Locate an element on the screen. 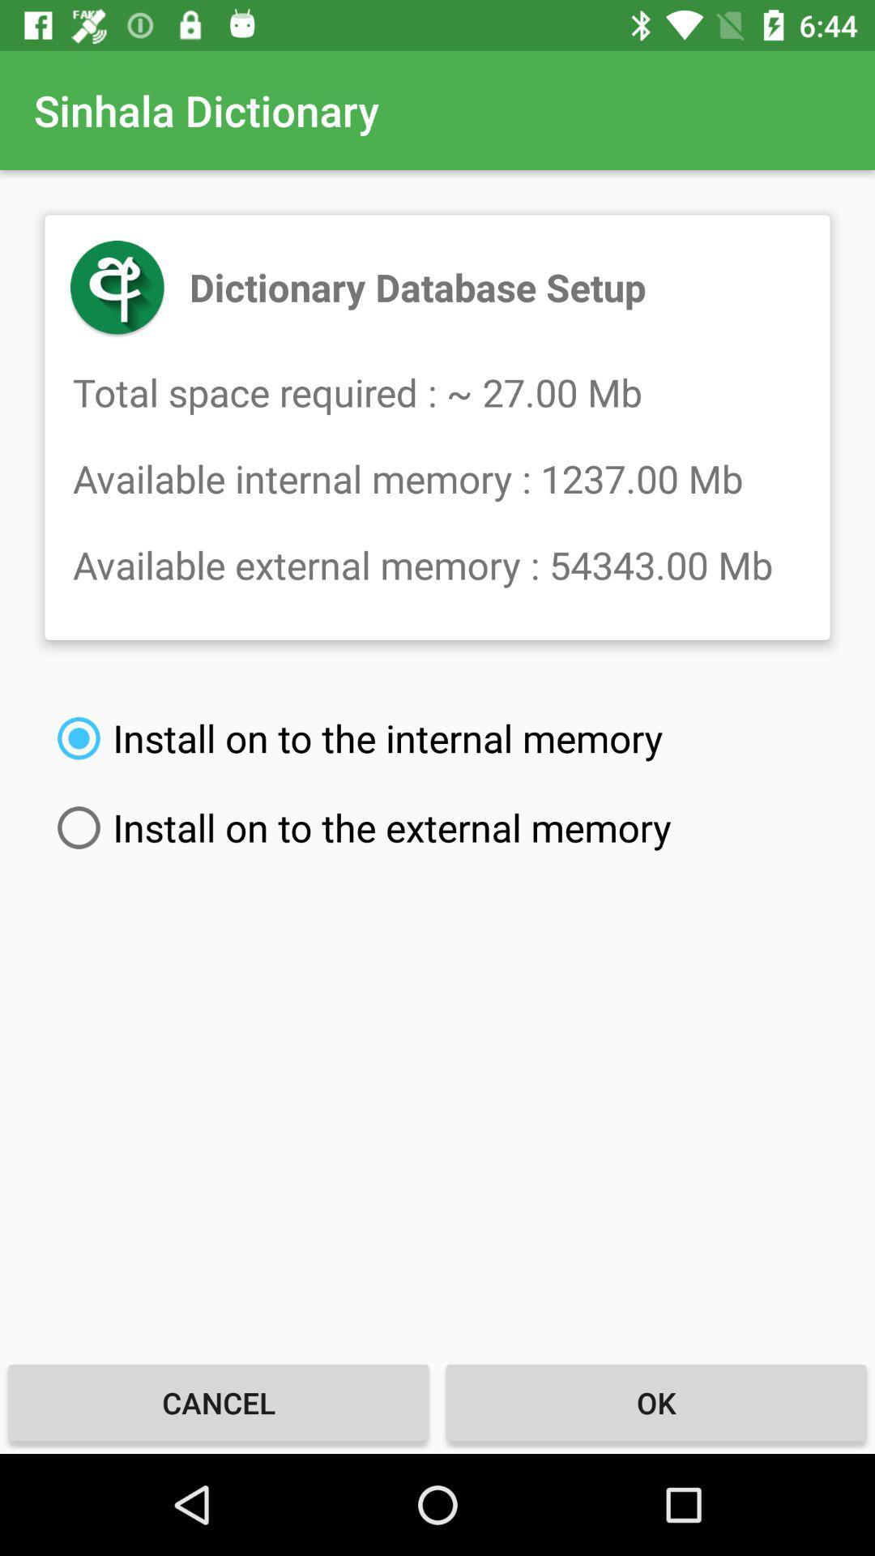 The width and height of the screenshot is (875, 1556). the icon to the left of the ok icon is located at coordinates (219, 1402).